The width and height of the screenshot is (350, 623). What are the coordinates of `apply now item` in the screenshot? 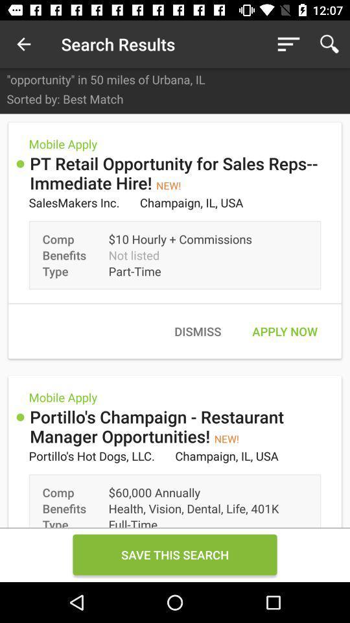 It's located at (284, 330).